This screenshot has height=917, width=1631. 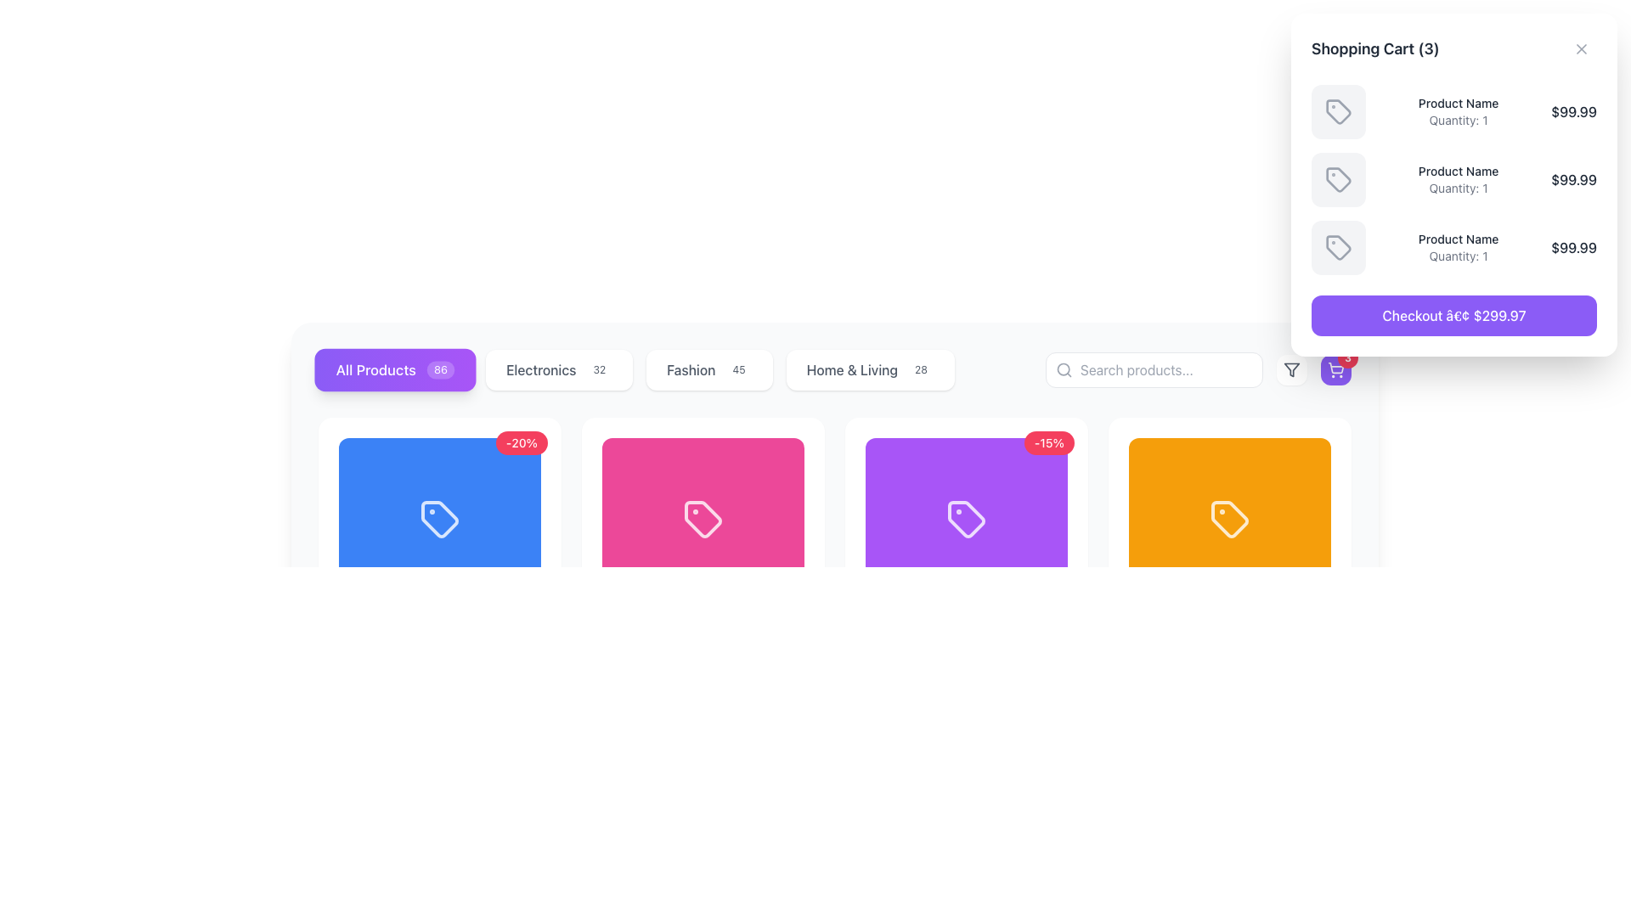 What do you see at coordinates (1337, 111) in the screenshot?
I see `the product thumbnail icon in the shopping cart list located in the sidebar on the right side of the interface` at bounding box center [1337, 111].